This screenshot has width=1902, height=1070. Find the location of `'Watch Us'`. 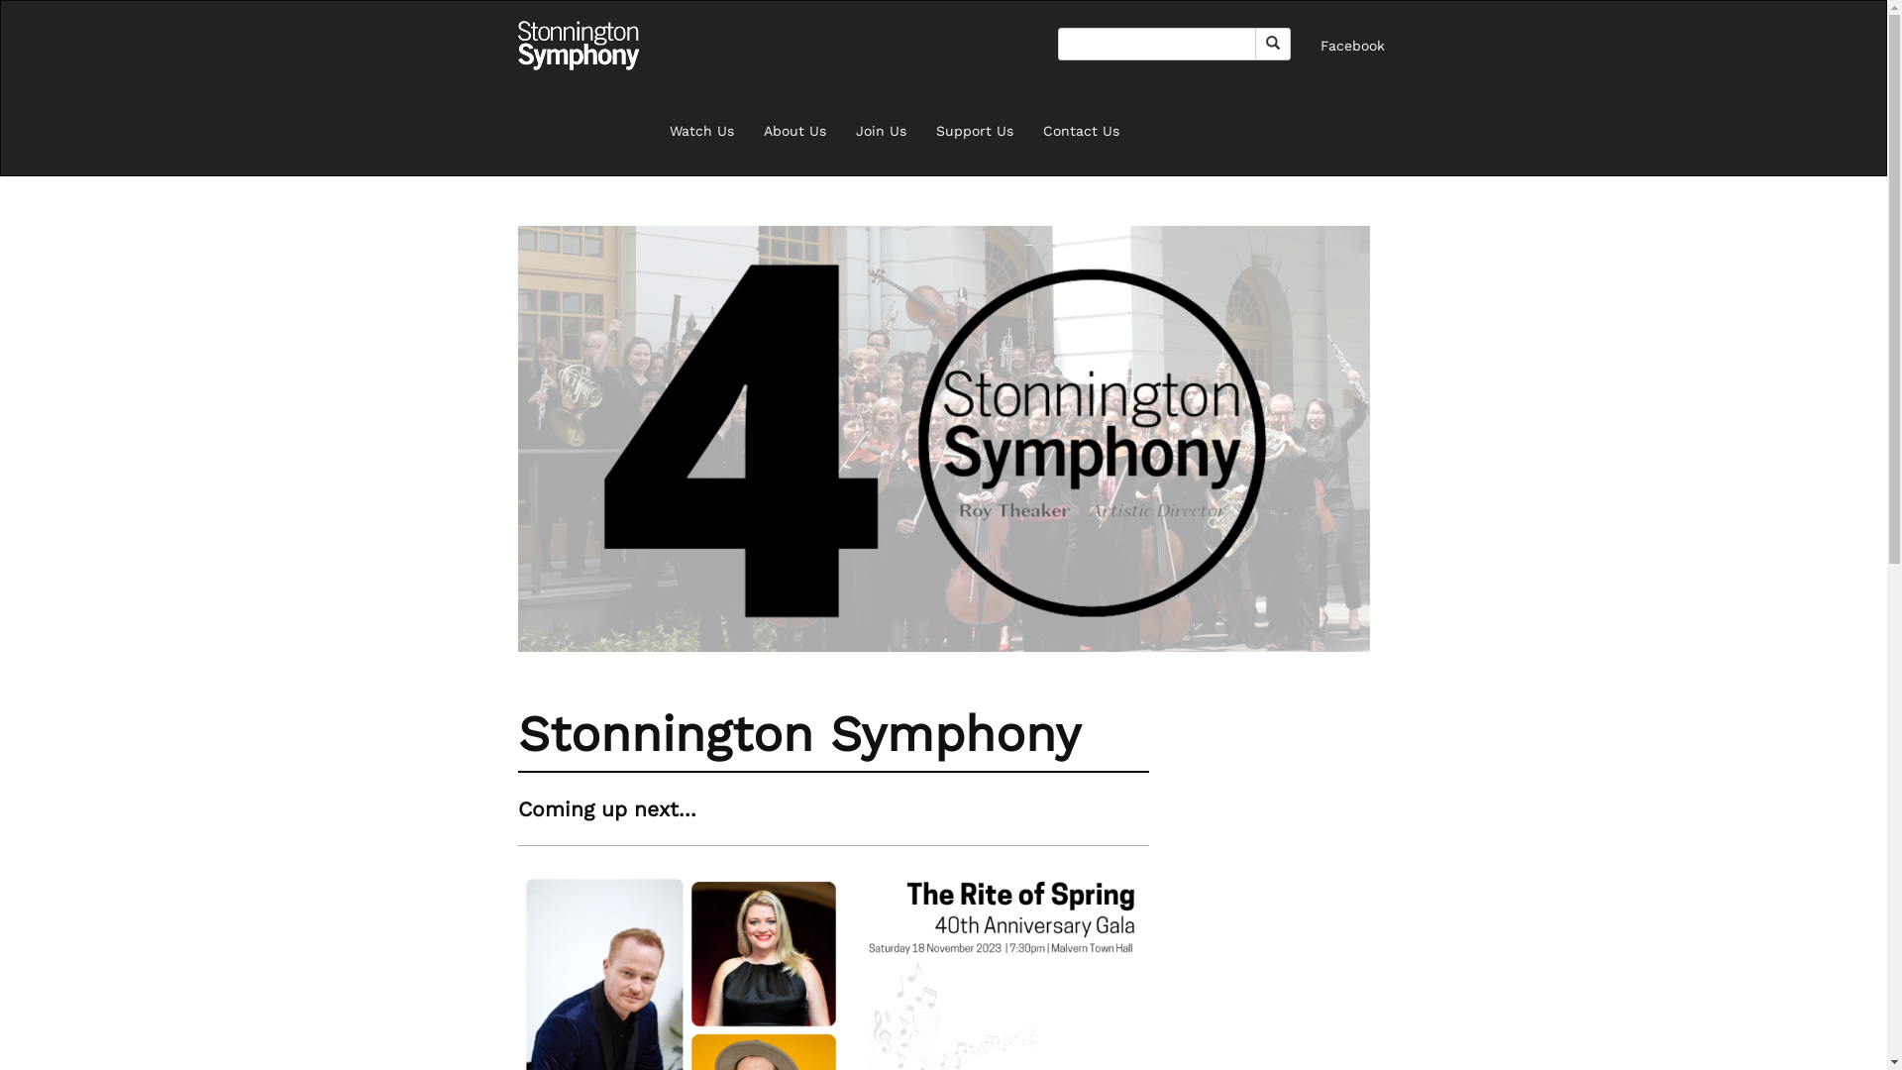

'Watch Us' is located at coordinates (654, 130).